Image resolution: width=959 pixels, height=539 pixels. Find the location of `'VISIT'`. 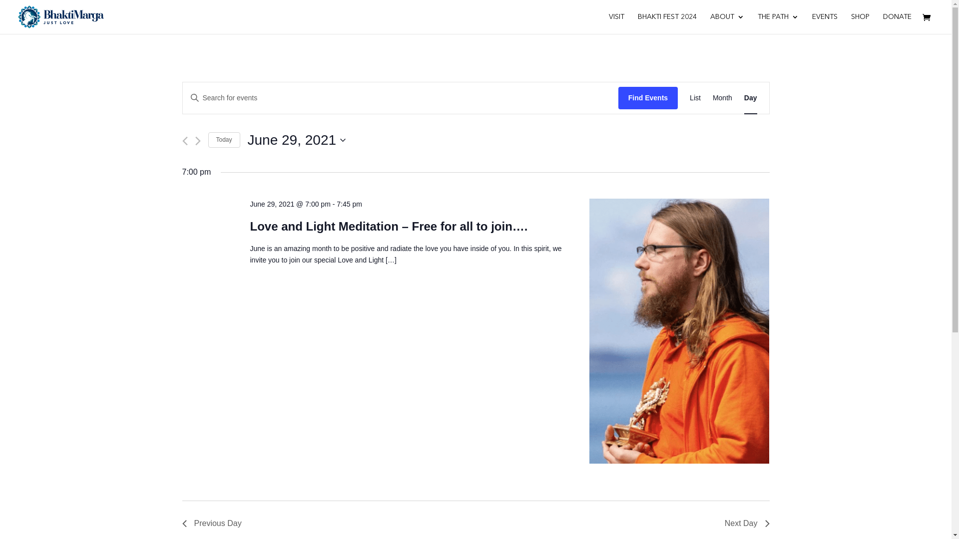

'VISIT' is located at coordinates (616, 23).